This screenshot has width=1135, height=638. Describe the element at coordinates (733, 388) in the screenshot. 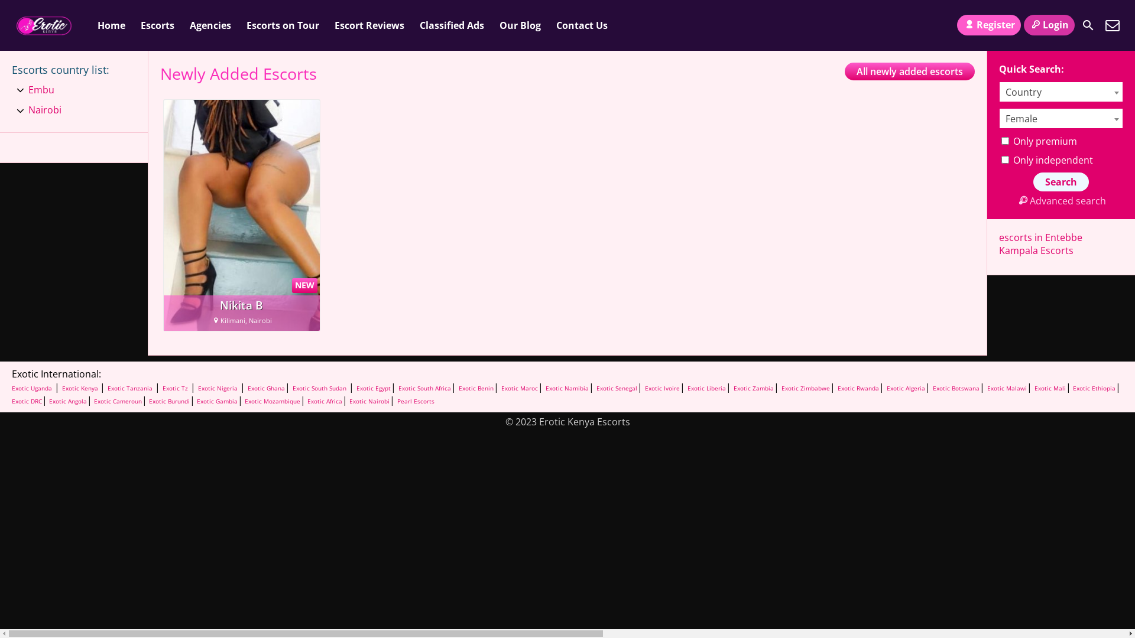

I see `'Exotic Zambia'` at that location.